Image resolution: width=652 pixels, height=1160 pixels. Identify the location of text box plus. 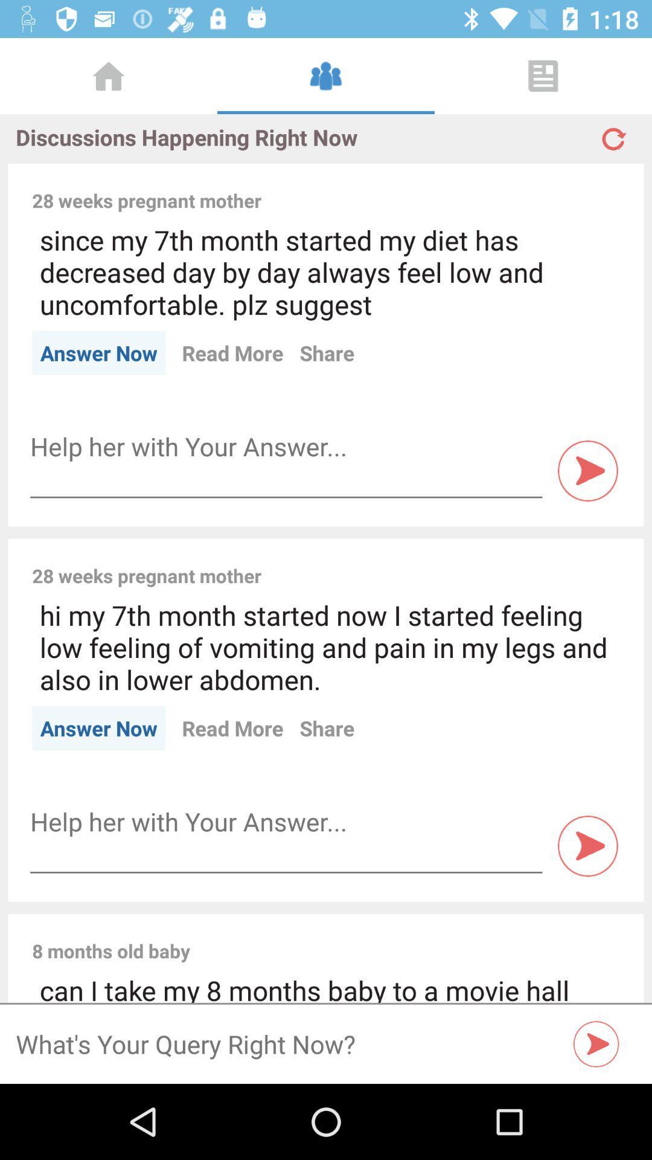
(286, 446).